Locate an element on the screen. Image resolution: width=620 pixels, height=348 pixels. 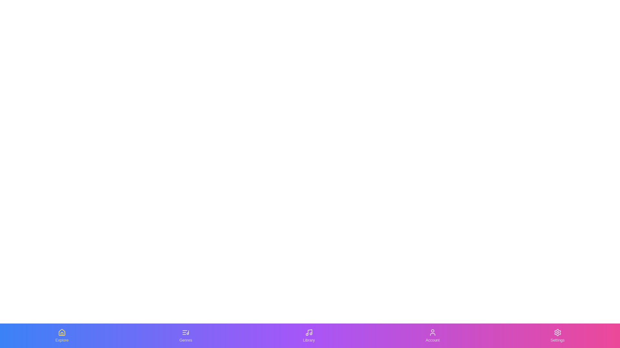
the Settings tab by clicking on its button is located at coordinates (557, 335).